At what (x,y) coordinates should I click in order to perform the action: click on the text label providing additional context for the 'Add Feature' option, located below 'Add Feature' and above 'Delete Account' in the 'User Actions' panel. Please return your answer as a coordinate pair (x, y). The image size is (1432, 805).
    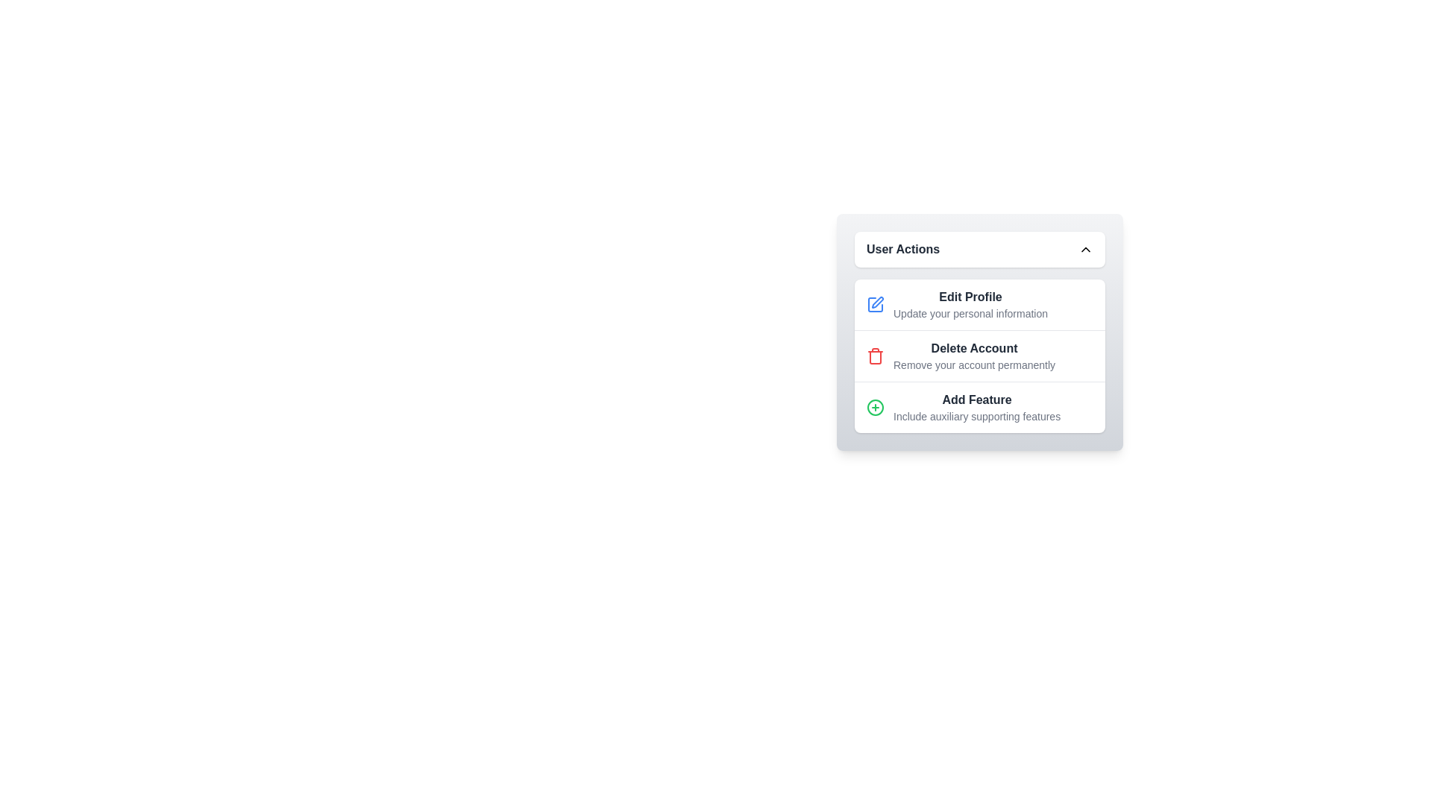
    Looking at the image, I should click on (977, 417).